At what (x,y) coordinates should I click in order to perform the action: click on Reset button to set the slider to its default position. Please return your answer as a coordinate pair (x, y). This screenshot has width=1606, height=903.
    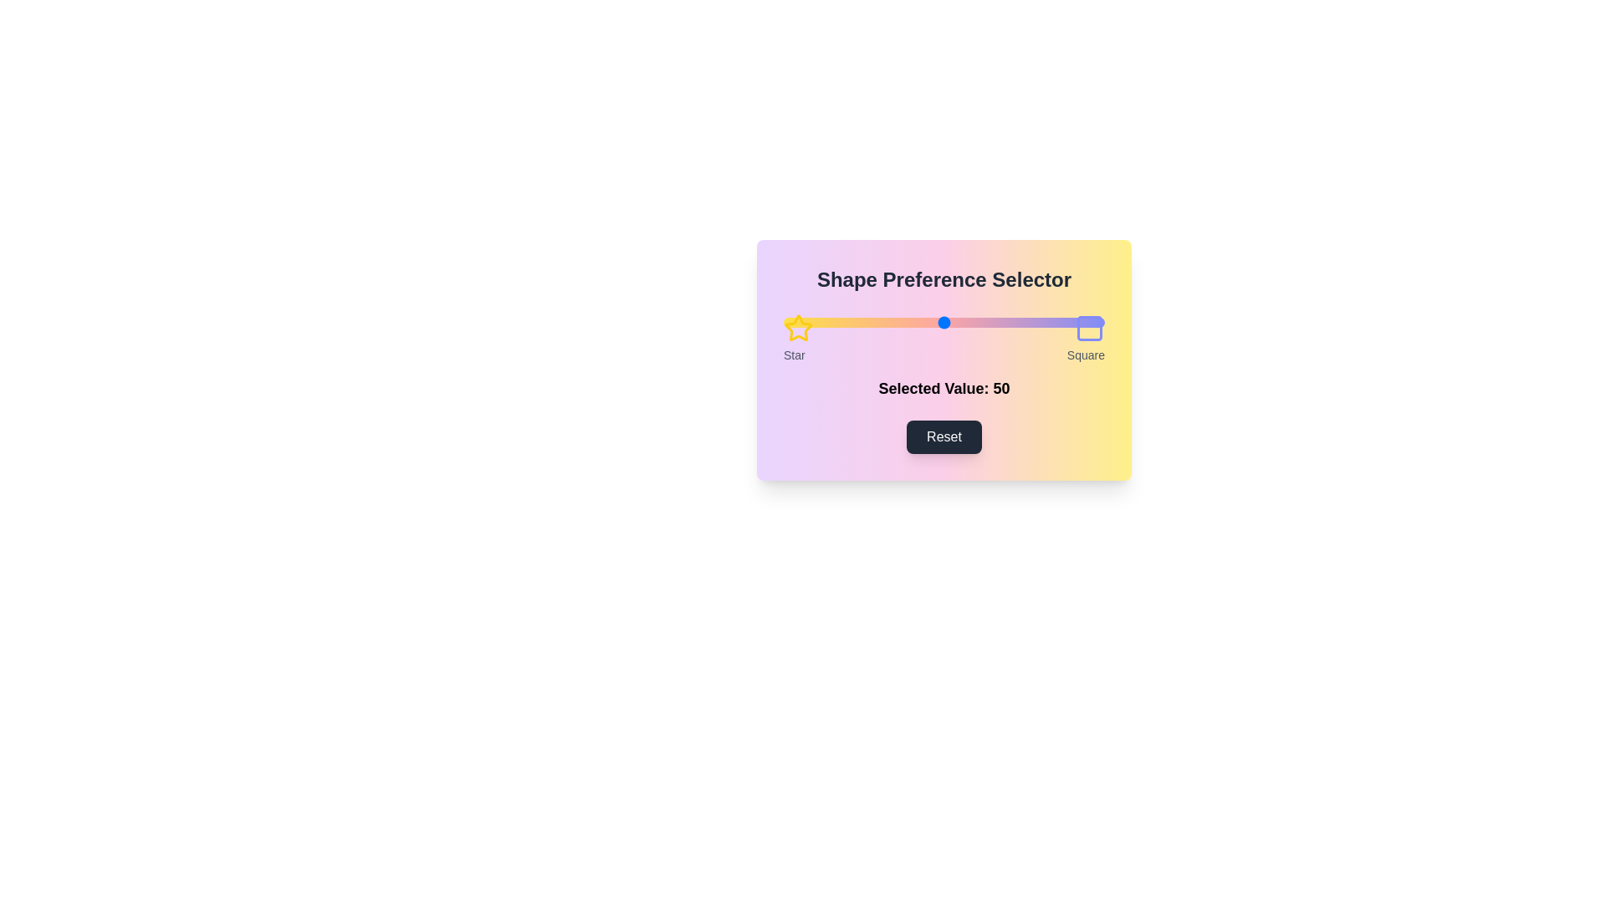
    Looking at the image, I should click on (944, 436).